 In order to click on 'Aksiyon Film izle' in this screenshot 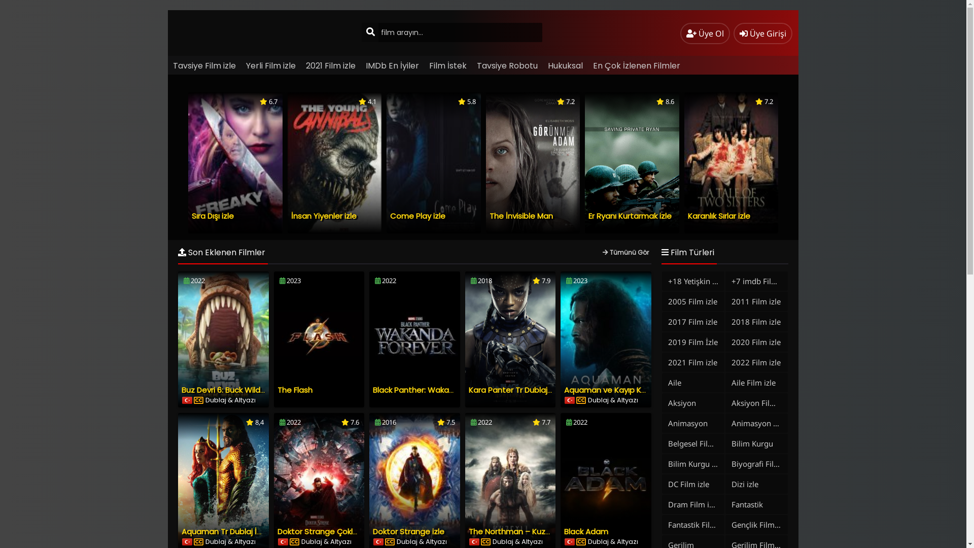, I will do `click(756, 402)`.